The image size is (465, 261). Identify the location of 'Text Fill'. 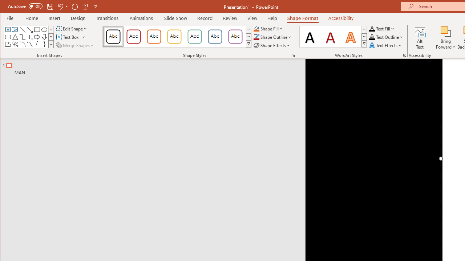
(381, 28).